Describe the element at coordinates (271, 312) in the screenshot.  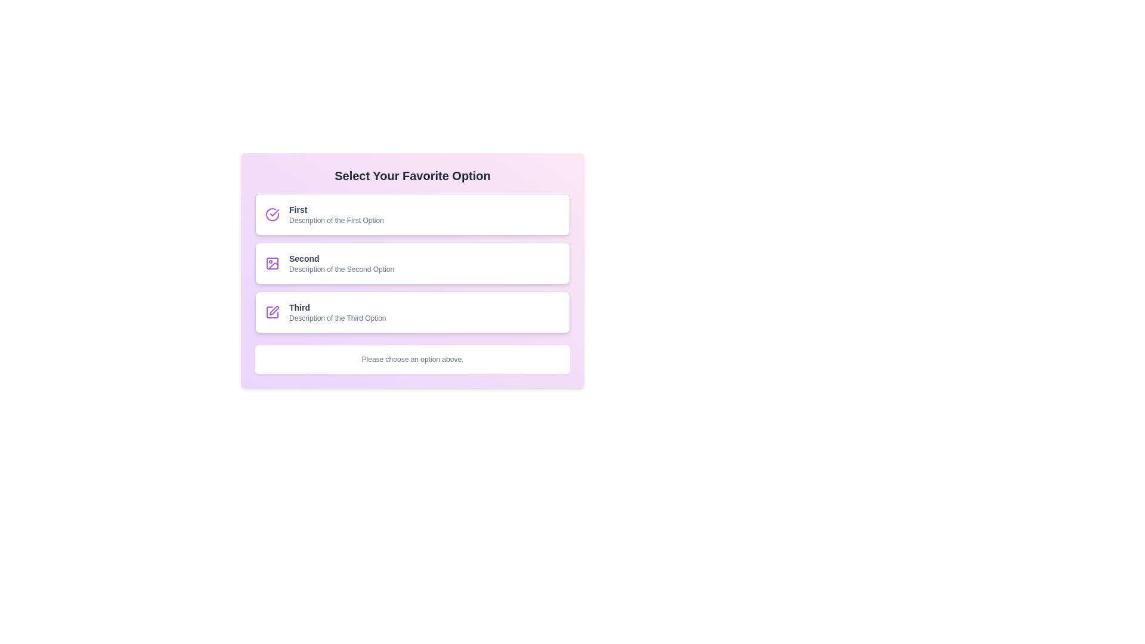
I see `the purple square icon containing a pen outline, located to the left of the text 'Third' in the third option card` at that location.